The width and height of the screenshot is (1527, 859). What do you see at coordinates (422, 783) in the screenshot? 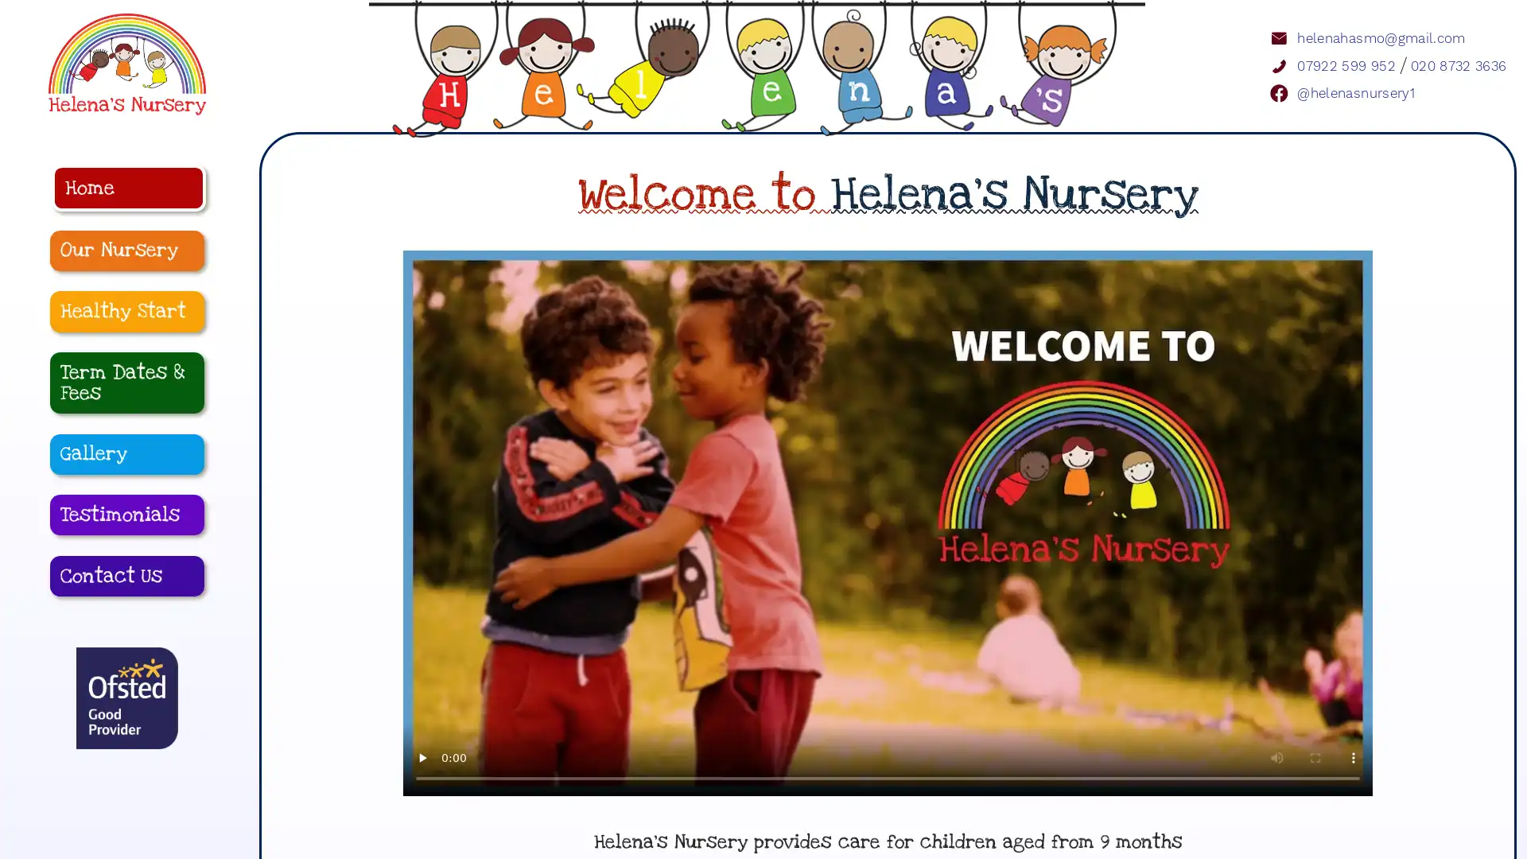
I see `play` at bounding box center [422, 783].